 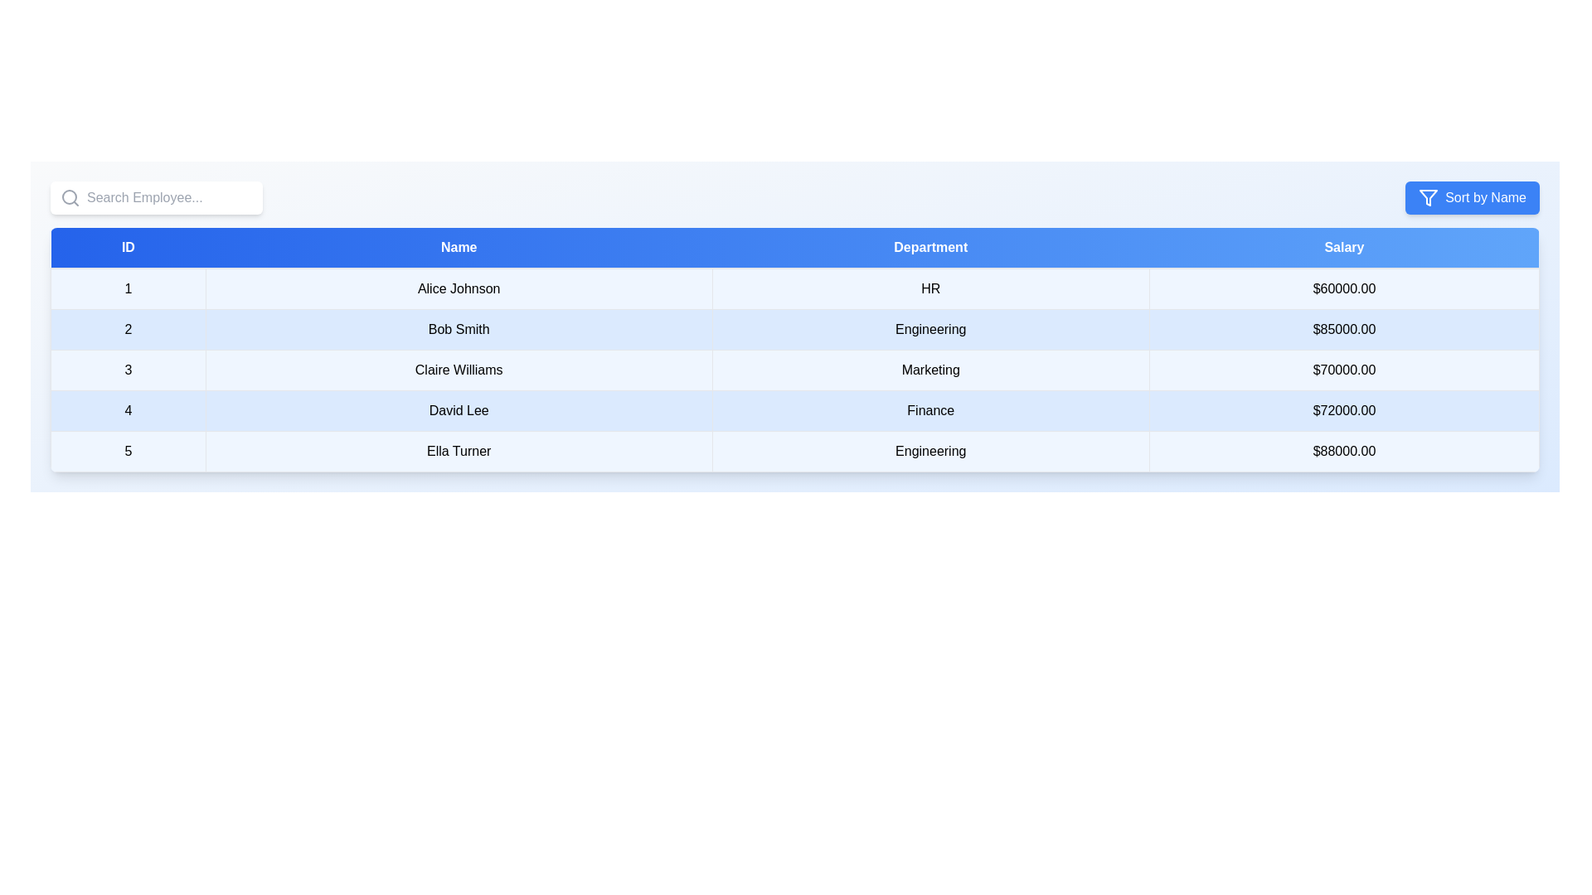 I want to click on the label displaying 'Ella Turner' in the second column of the fifth entry in the table, so click(x=459, y=451).